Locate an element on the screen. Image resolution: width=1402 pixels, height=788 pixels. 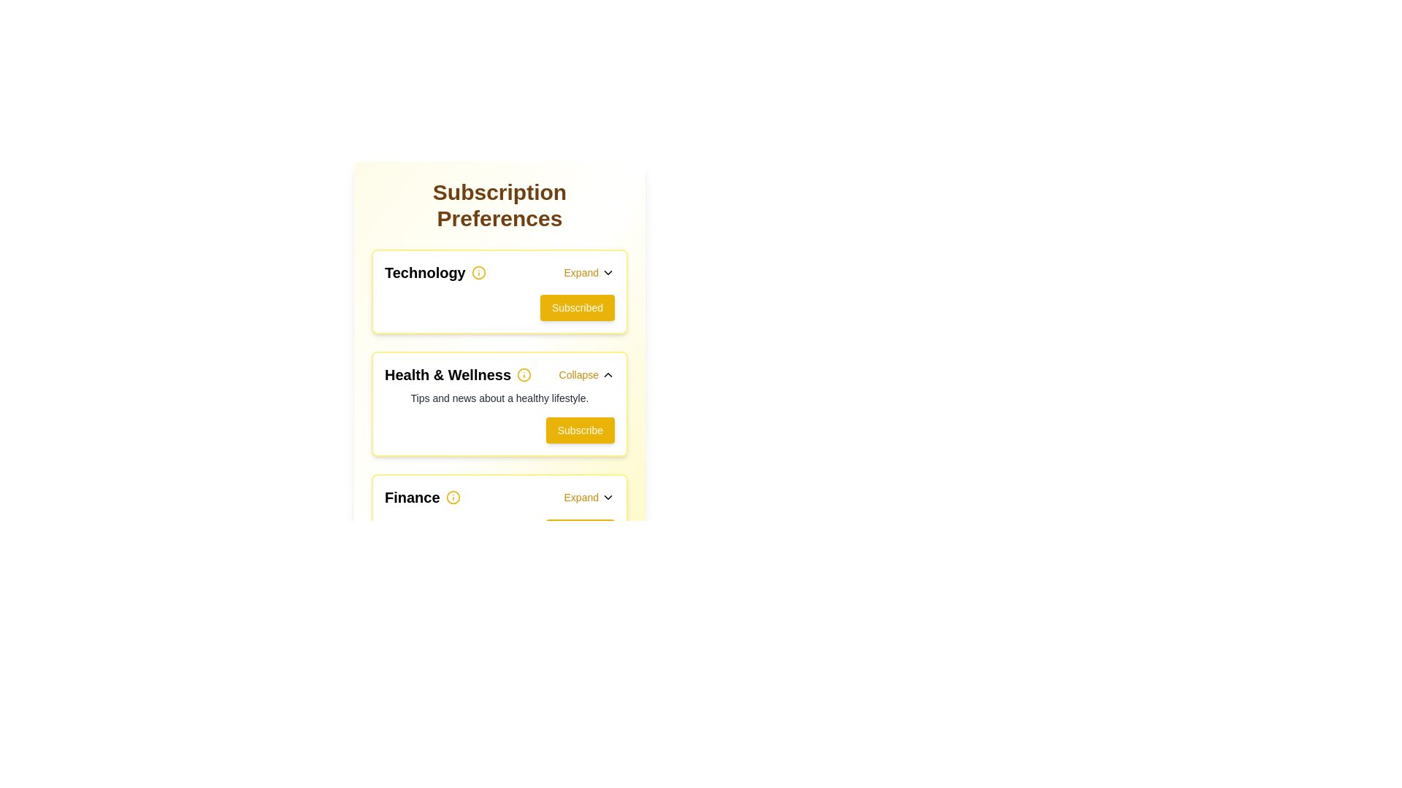
informational icon with a yellow border and white interior, located in the 'Health & Wellness' section, to the right of the section's title text is located at coordinates (524, 374).